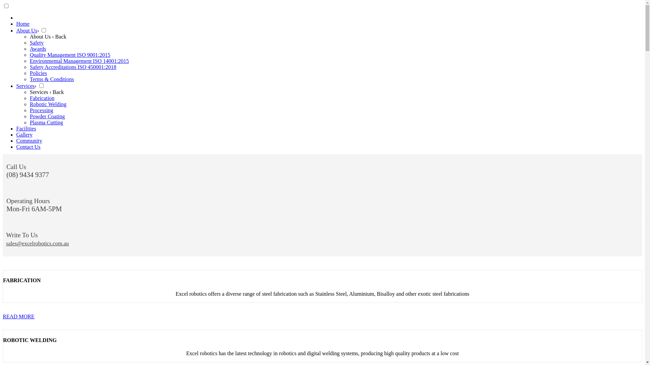  What do you see at coordinates (16, 140) in the screenshot?
I see `'Community'` at bounding box center [16, 140].